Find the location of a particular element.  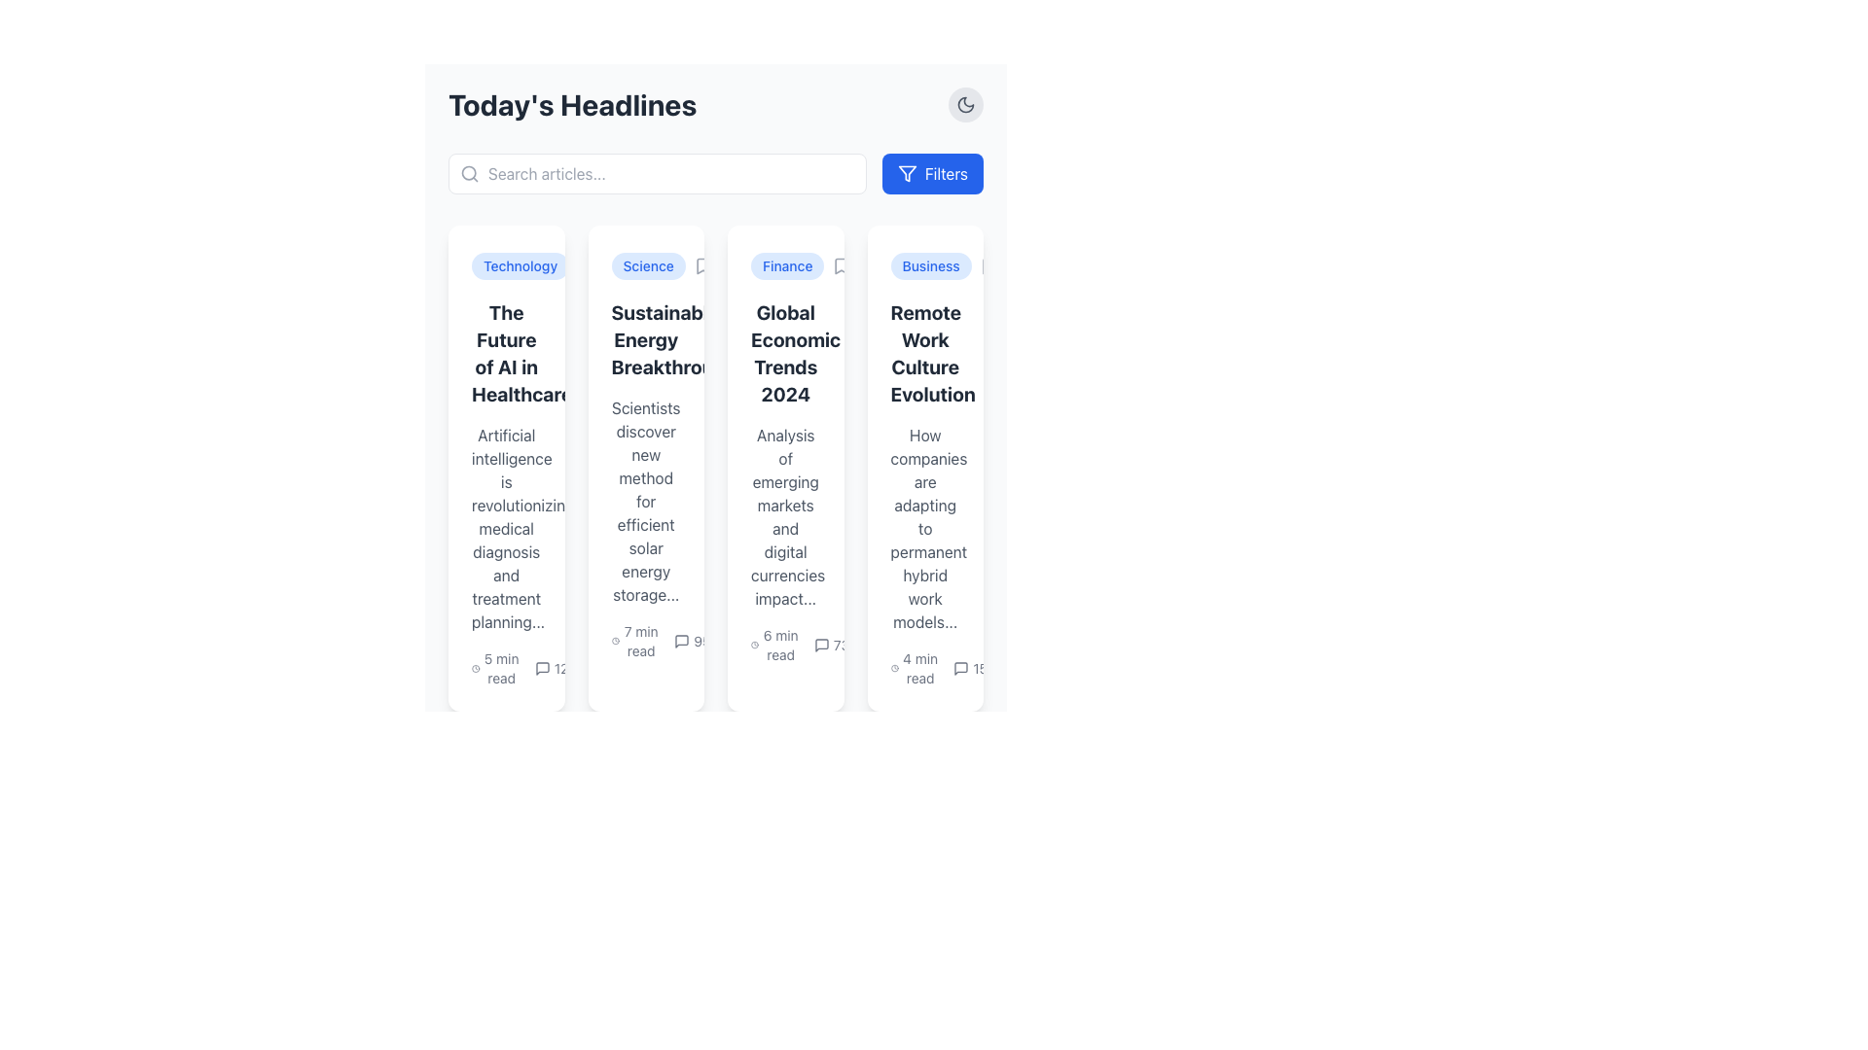

the speech bubble icon indicating comments within the 'Sustainable Energy Breakthrough' card is located at coordinates (682, 641).